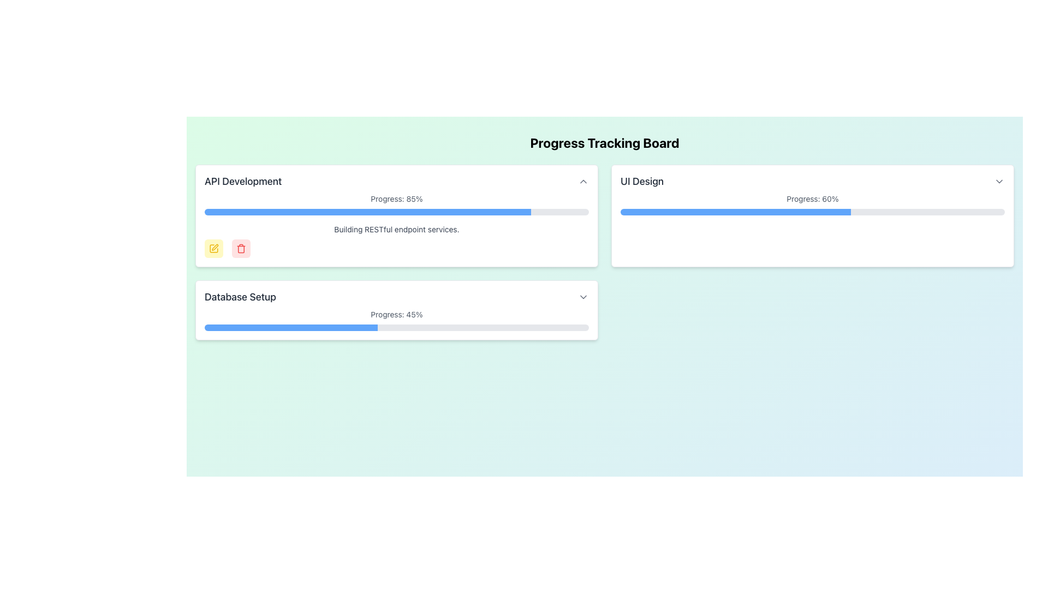 Image resolution: width=1048 pixels, height=589 pixels. Describe the element at coordinates (812, 199) in the screenshot. I see `displayed progress value from the text element showing 'Progress: 60%' located under the main title in the 'UI Design' section` at that location.